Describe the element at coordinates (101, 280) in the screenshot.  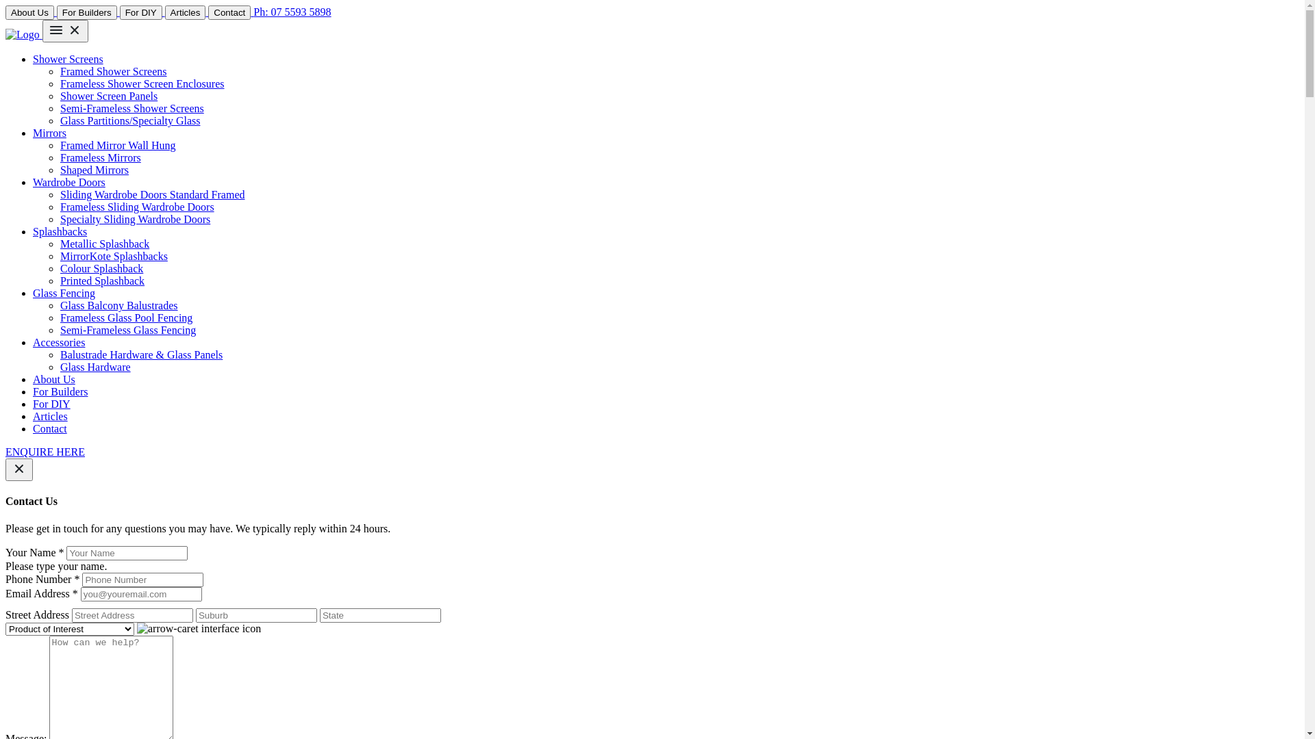
I see `'Printed Splashback'` at that location.